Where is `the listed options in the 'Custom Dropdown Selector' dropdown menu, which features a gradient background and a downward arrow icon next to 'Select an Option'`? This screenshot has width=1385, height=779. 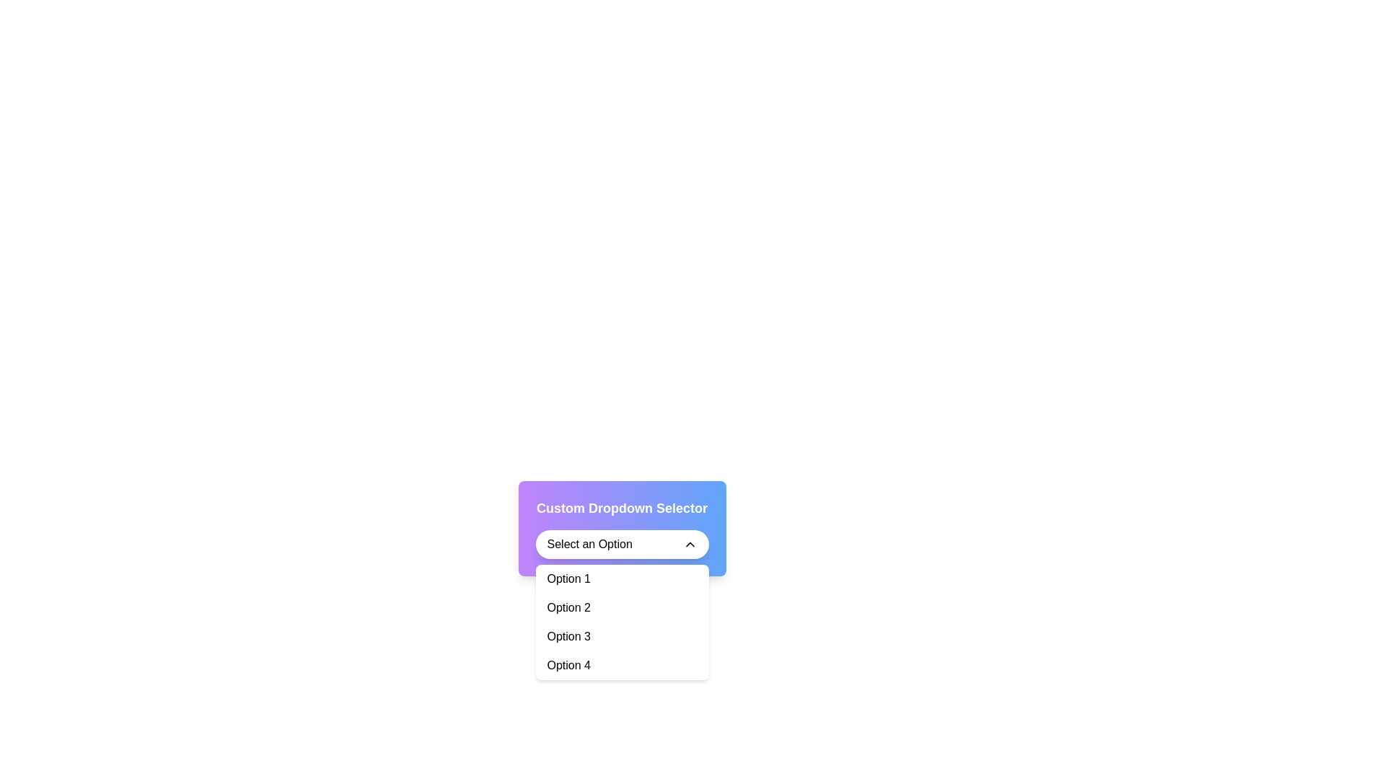
the listed options in the 'Custom Dropdown Selector' dropdown menu, which features a gradient background and a downward arrow icon next to 'Select an Option' is located at coordinates (622, 528).